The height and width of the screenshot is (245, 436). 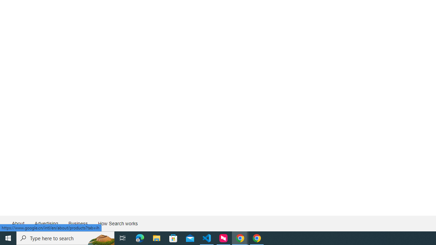 I want to click on 'Advertising', so click(x=46, y=224).